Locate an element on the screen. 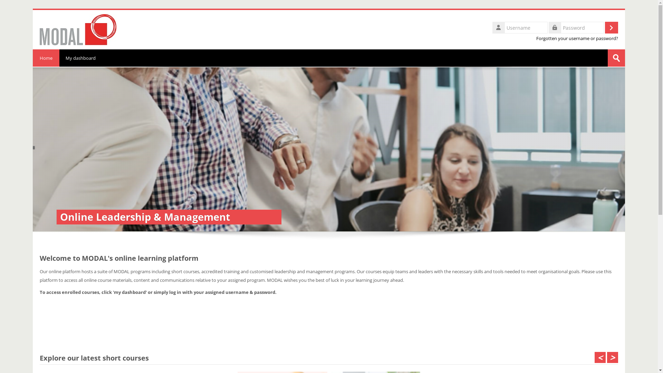  'Home' is located at coordinates (78, 29).